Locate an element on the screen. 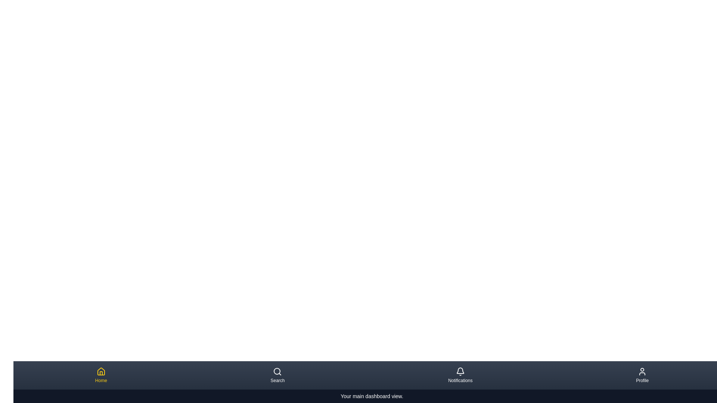 This screenshot has height=403, width=717. the navigation item Profile by clicking on its button is located at coordinates (642, 375).